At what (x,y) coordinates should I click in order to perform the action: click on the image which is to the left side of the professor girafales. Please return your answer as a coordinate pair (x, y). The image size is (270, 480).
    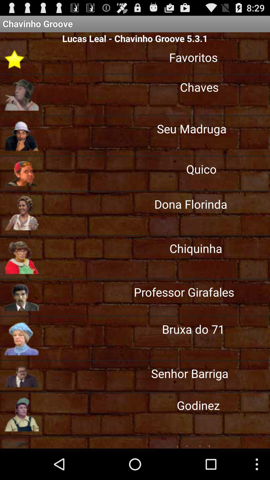
    Looking at the image, I should click on (21, 297).